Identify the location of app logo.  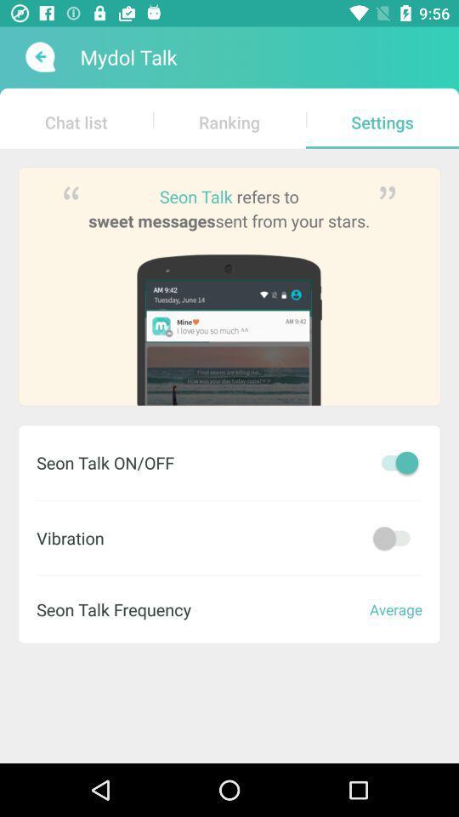
(38, 57).